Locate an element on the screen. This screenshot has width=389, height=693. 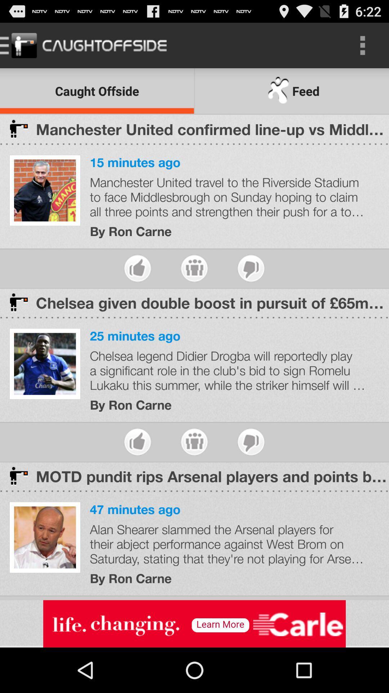
rate as thumbs down is located at coordinates (251, 441).